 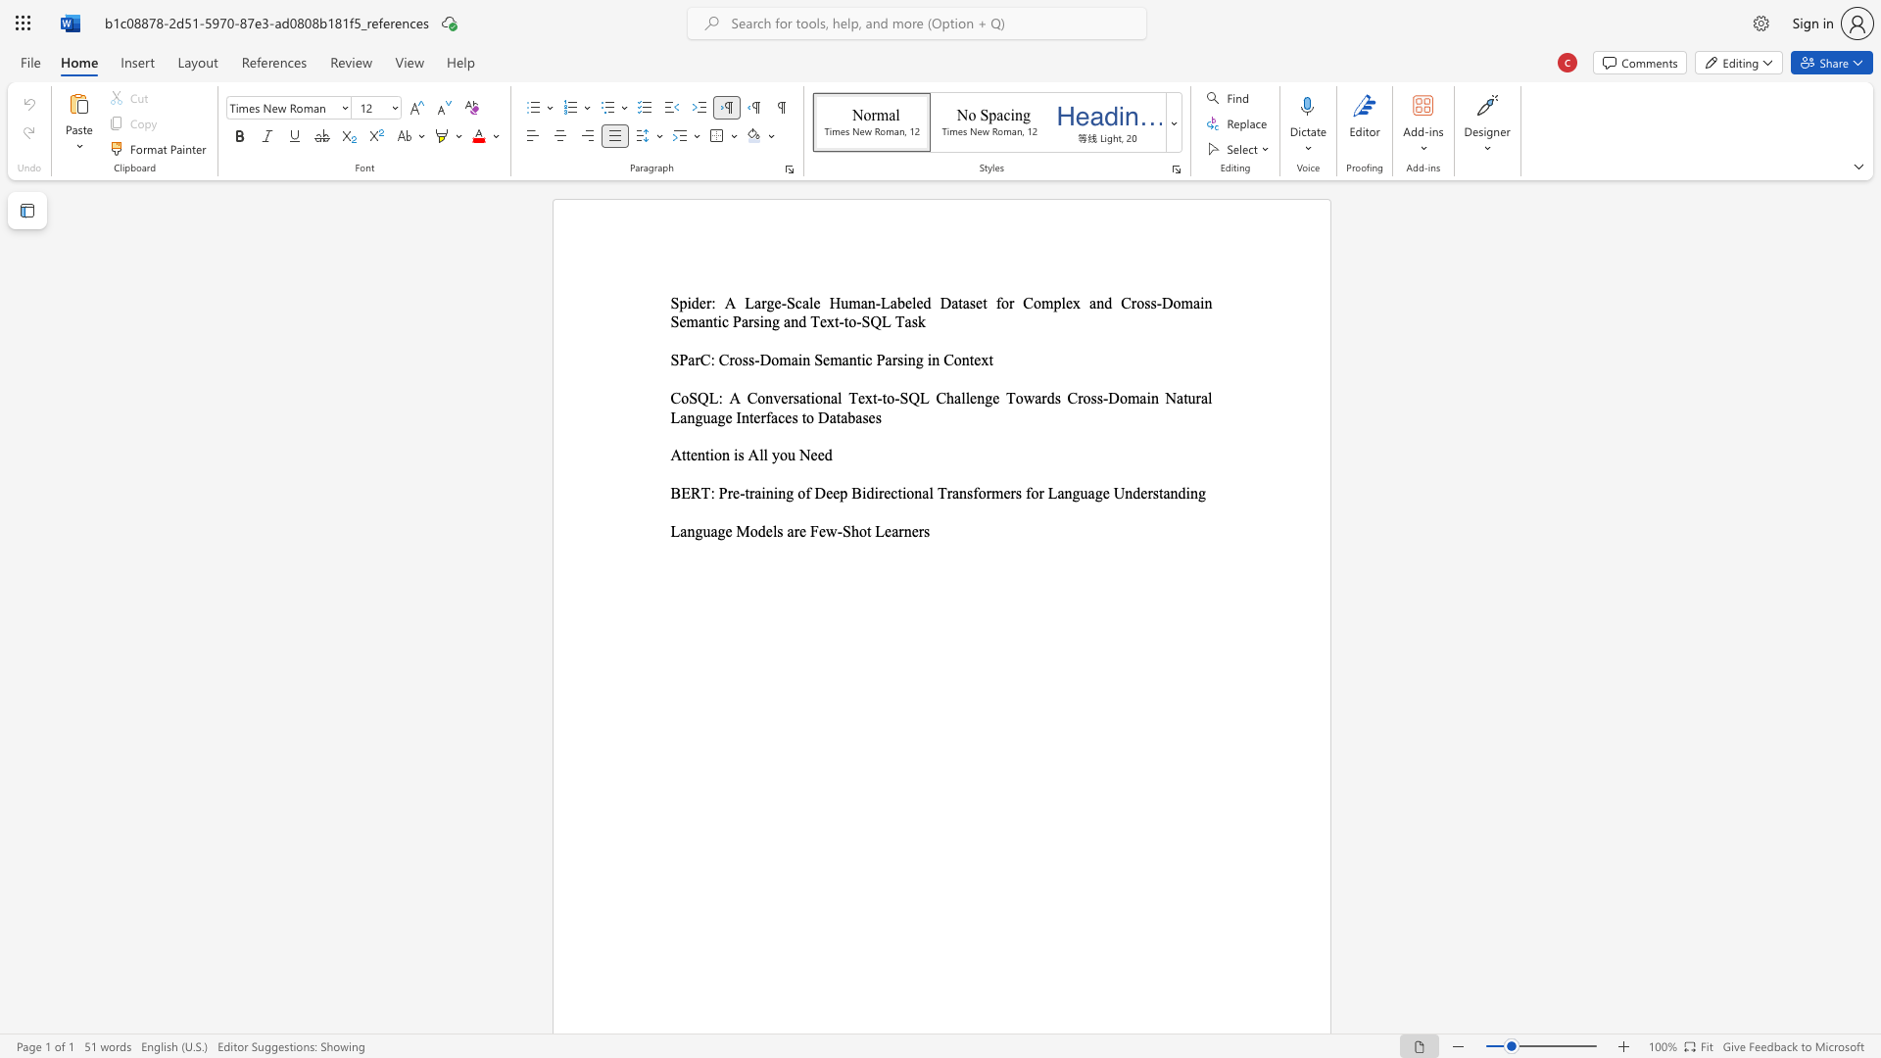 I want to click on the 1th character "n" in the text, so click(x=700, y=455).